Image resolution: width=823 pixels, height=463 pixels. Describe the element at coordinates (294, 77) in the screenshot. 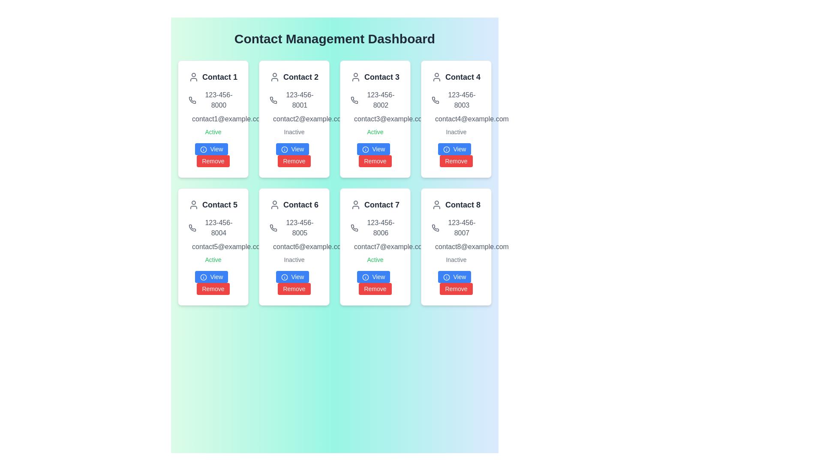

I see `text of the label displaying the contact's name at the top of the second contact card in the first row of a 4x2 grid on the dashboard` at that location.